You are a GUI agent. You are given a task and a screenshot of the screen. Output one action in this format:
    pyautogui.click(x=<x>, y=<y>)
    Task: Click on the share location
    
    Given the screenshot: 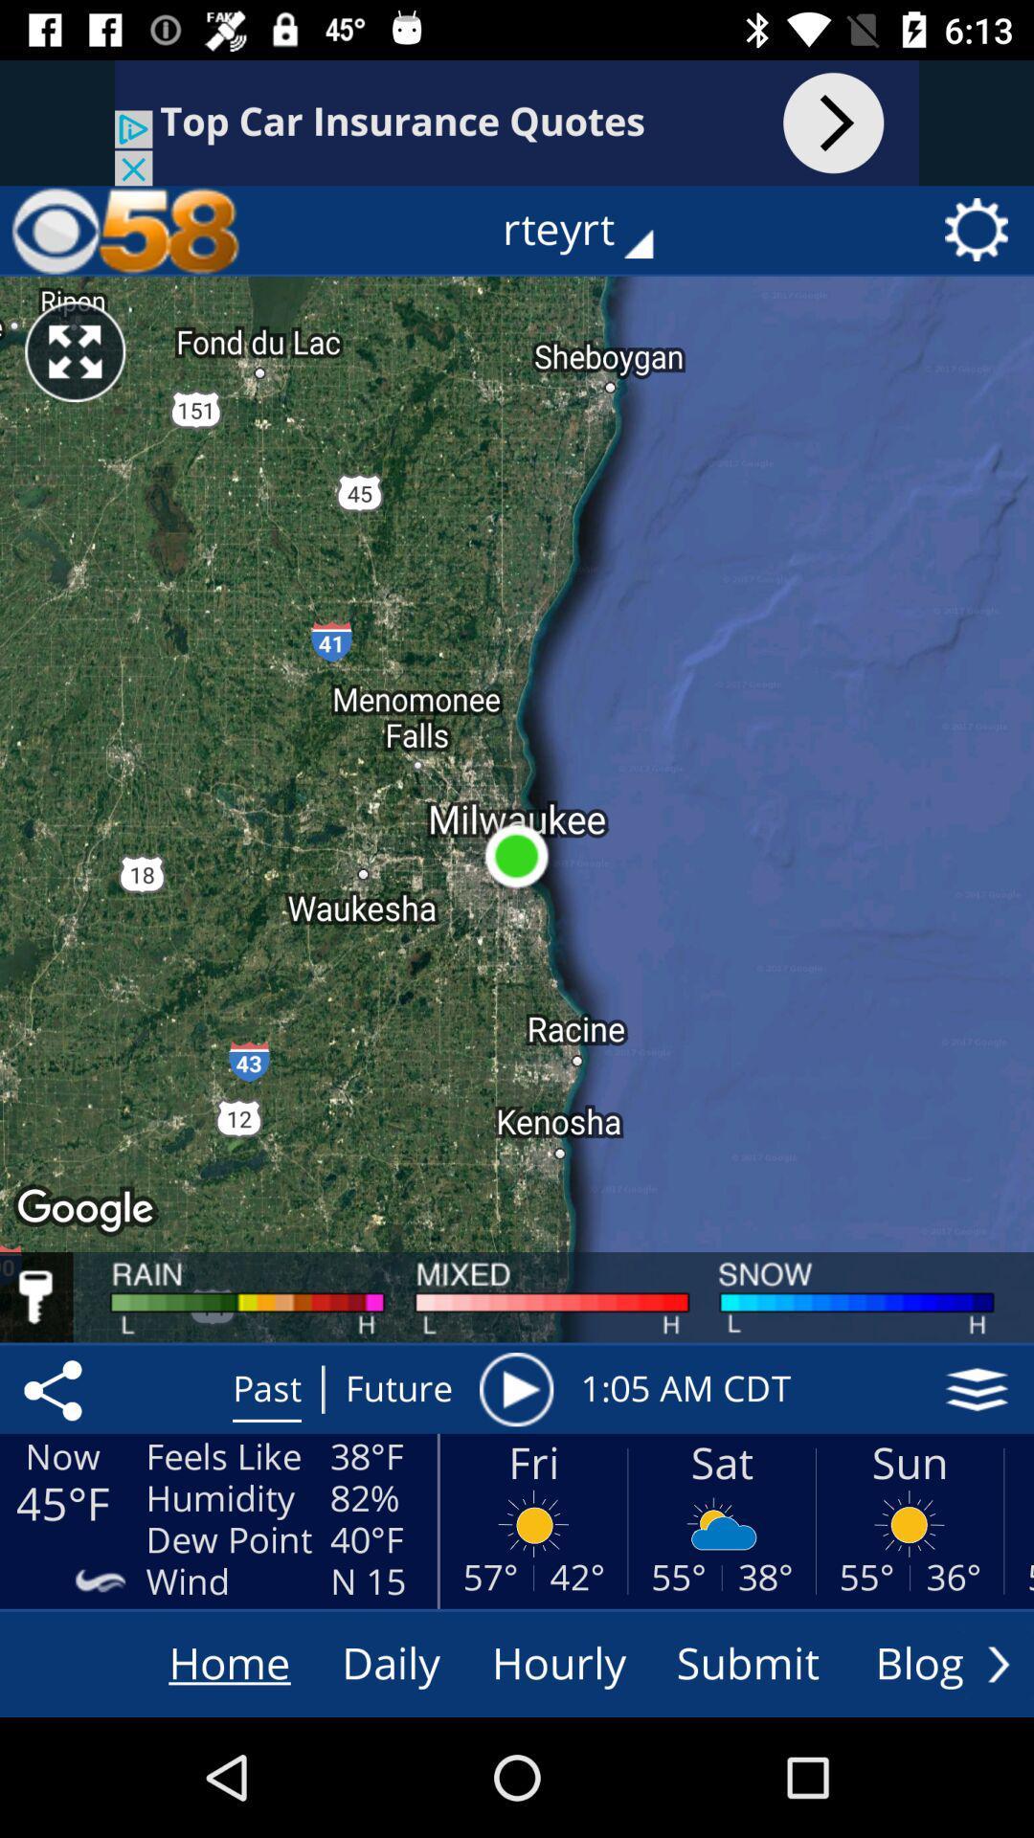 What is the action you would take?
    pyautogui.click(x=56, y=1389)
    